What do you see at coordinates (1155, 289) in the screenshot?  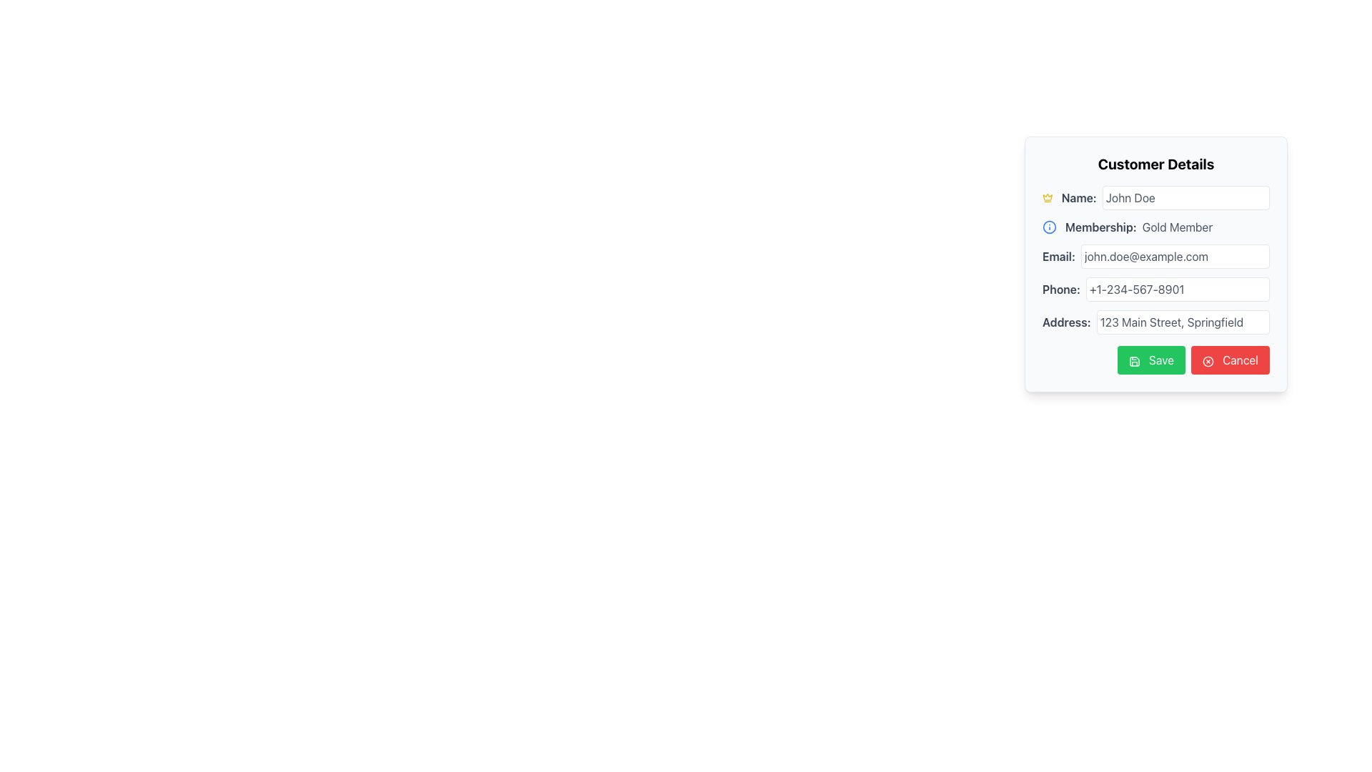 I see `the phone number input field located in the 'Customer Details' section, which is the fourth entry in the vertical list` at bounding box center [1155, 289].